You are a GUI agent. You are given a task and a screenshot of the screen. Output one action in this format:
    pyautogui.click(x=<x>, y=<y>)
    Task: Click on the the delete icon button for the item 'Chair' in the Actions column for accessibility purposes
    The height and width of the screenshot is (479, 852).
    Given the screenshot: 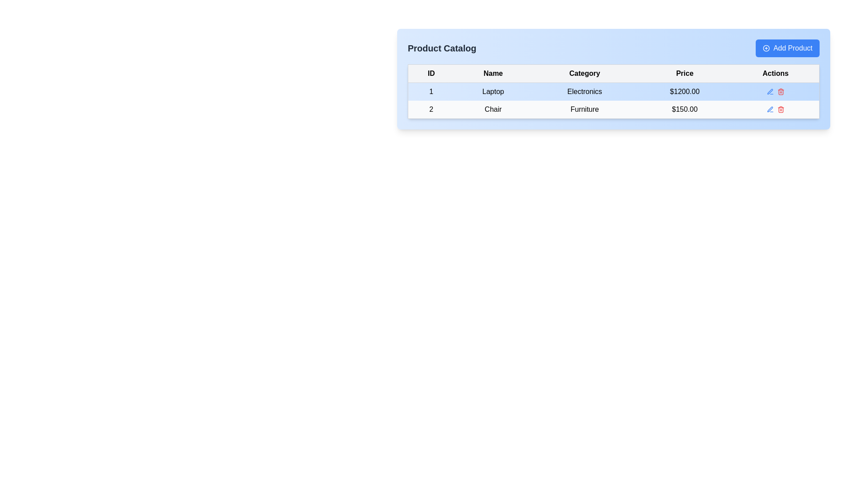 What is the action you would take?
    pyautogui.click(x=780, y=109)
    